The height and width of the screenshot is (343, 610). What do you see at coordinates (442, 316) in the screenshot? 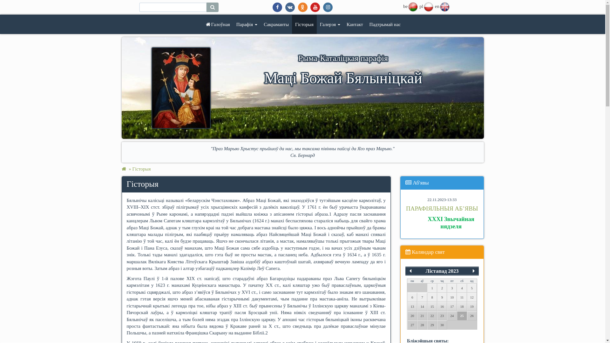
I see `'23'` at bounding box center [442, 316].